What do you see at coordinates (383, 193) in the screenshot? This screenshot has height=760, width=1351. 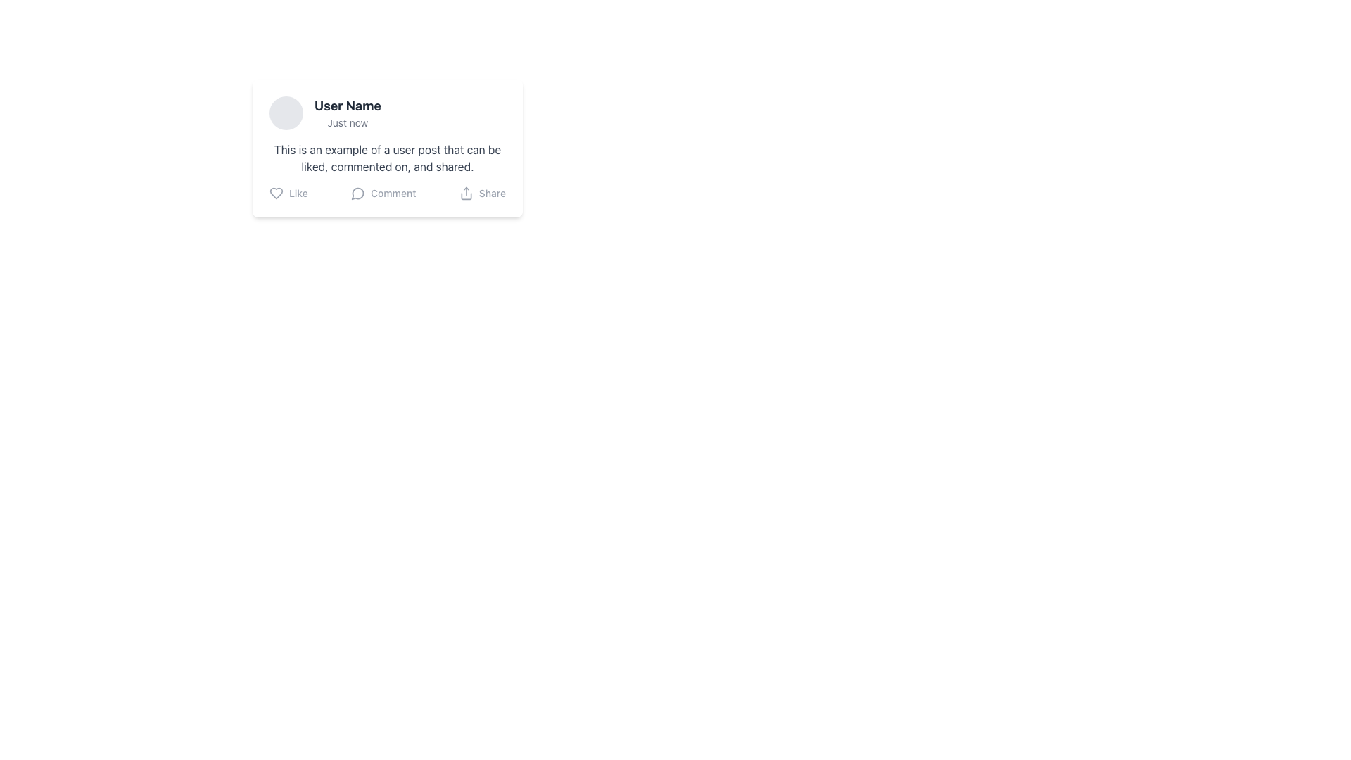 I see `the 'Comment' button, which has a gray speech bubble icon and is located centrally between the 'Like' and 'Share' buttons under the user's post` at bounding box center [383, 193].